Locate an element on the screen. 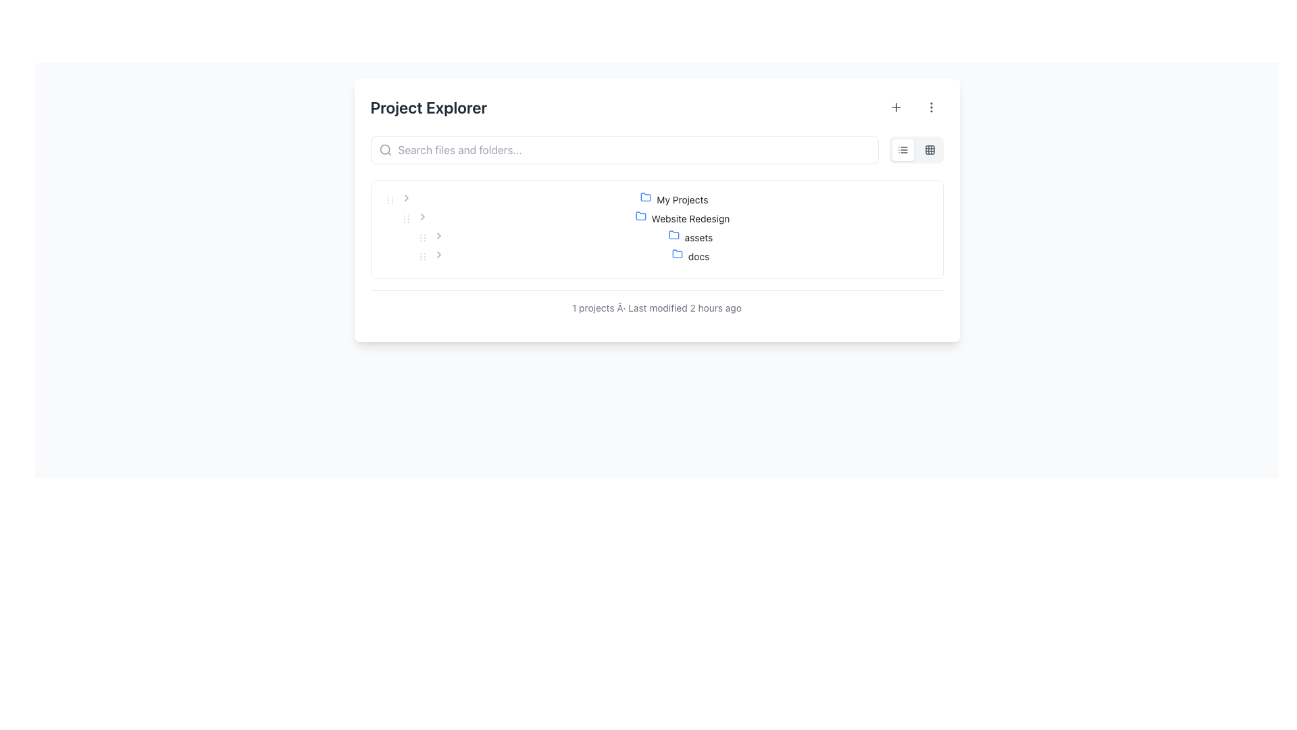 The height and width of the screenshot is (730, 1297). the text label for the 'assets' directory is located at coordinates (698, 237).